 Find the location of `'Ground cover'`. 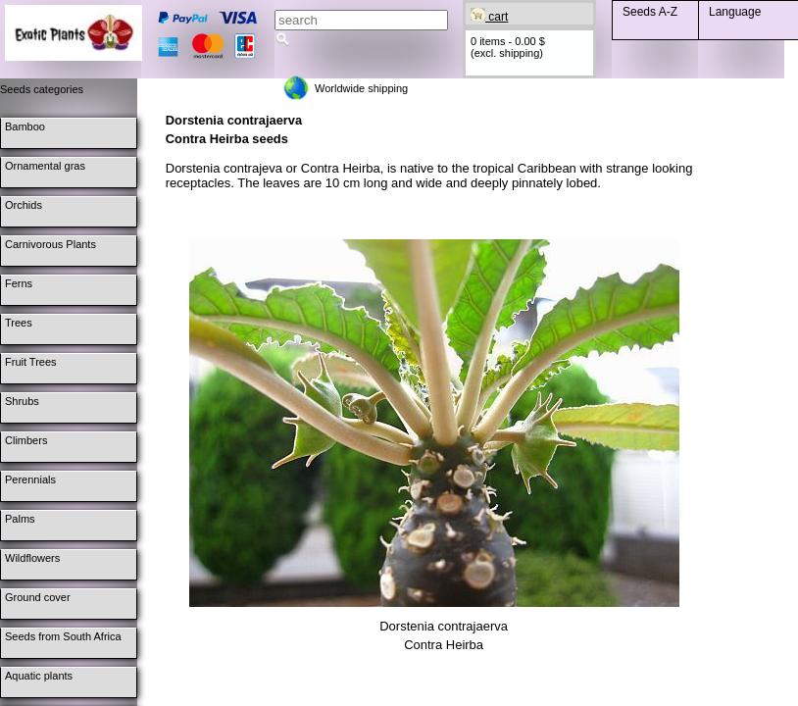

'Ground cover' is located at coordinates (36, 595).